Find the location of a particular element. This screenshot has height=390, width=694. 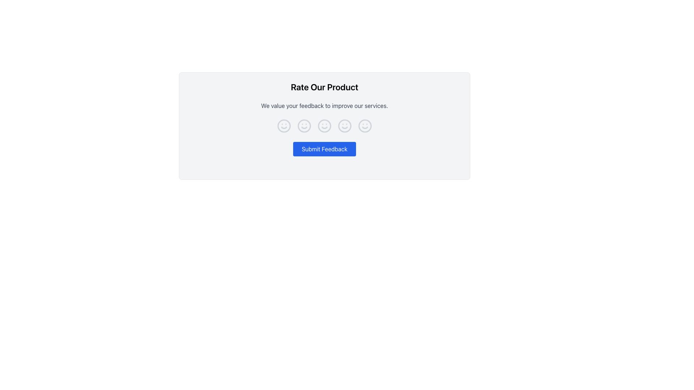

the SVG Circle Element located in the second smiley face icon within the 'Rate Our Product' section is located at coordinates (304, 125).